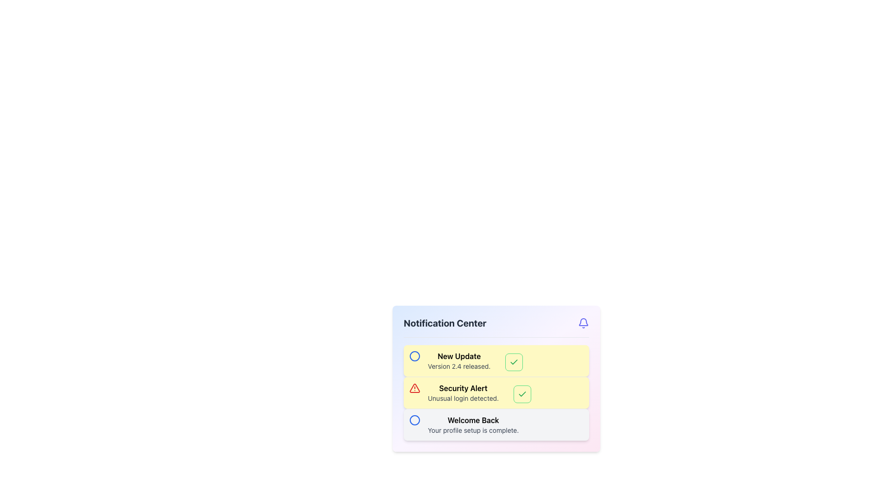 Image resolution: width=890 pixels, height=501 pixels. Describe the element at coordinates (522, 394) in the screenshot. I see `green checkmark icon indicating success, located within the 'New Update' notification in the Notification Center` at that location.